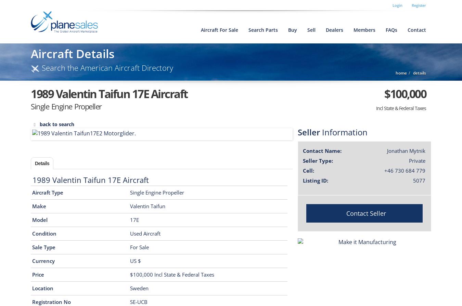 This screenshot has width=462, height=306. I want to click on 'Currency', so click(31, 260).